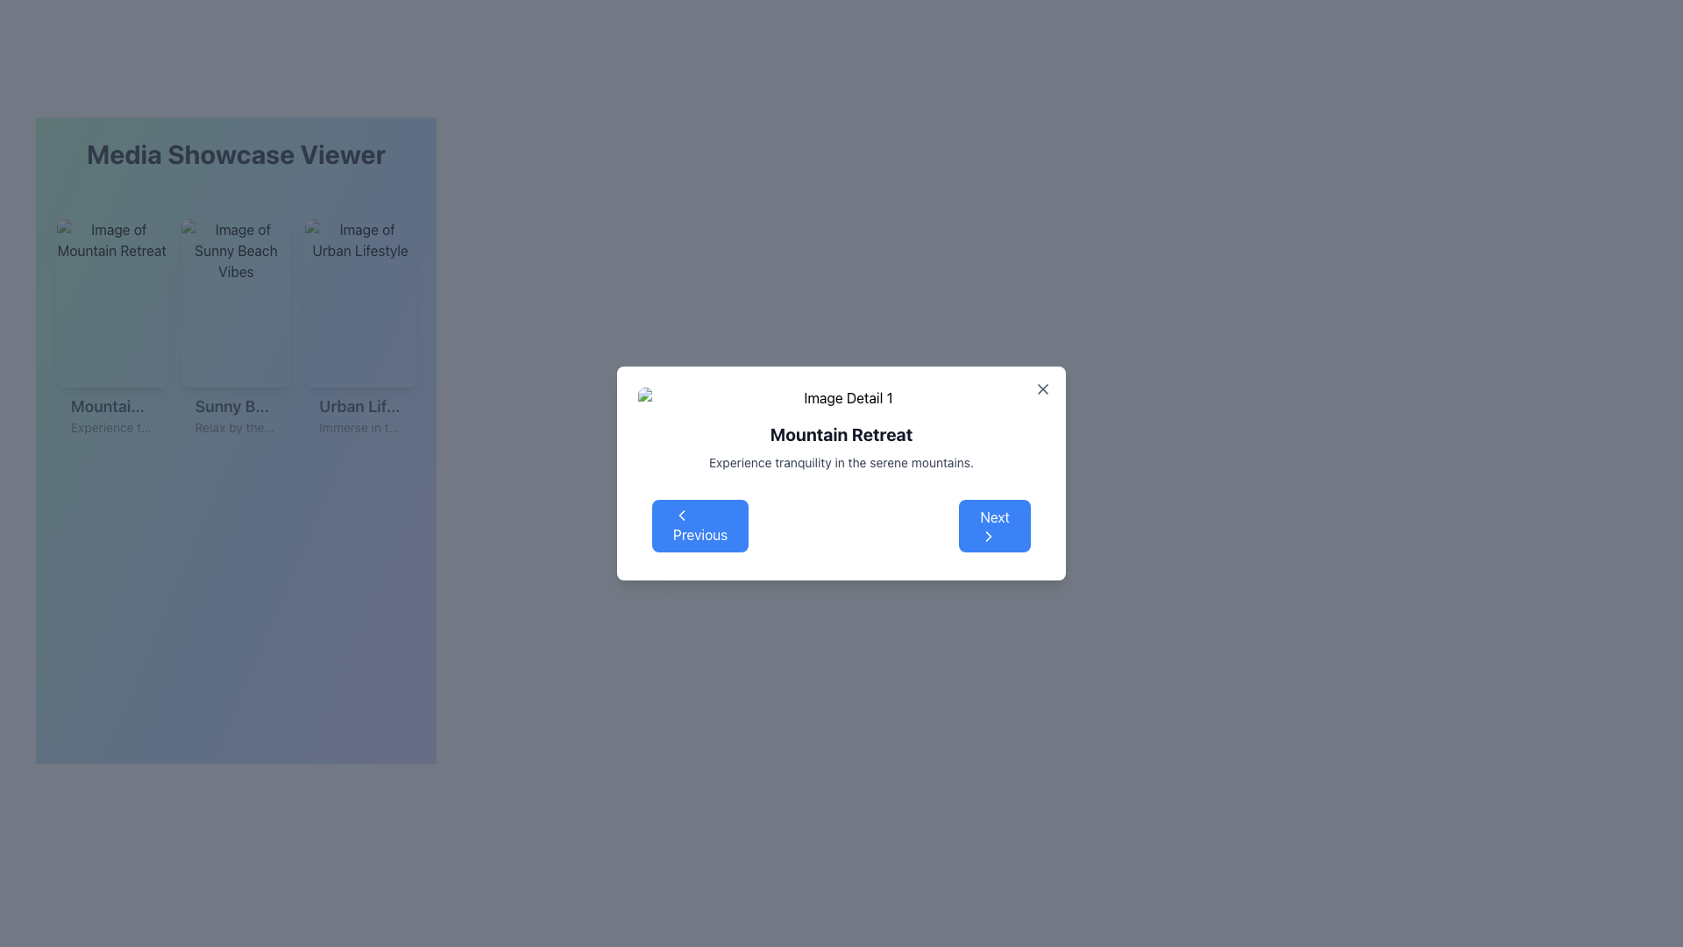  I want to click on the image representing 'Urban Lifestyle' located at the top section of the third card in a horizontal list of similar cards, so click(359, 303).